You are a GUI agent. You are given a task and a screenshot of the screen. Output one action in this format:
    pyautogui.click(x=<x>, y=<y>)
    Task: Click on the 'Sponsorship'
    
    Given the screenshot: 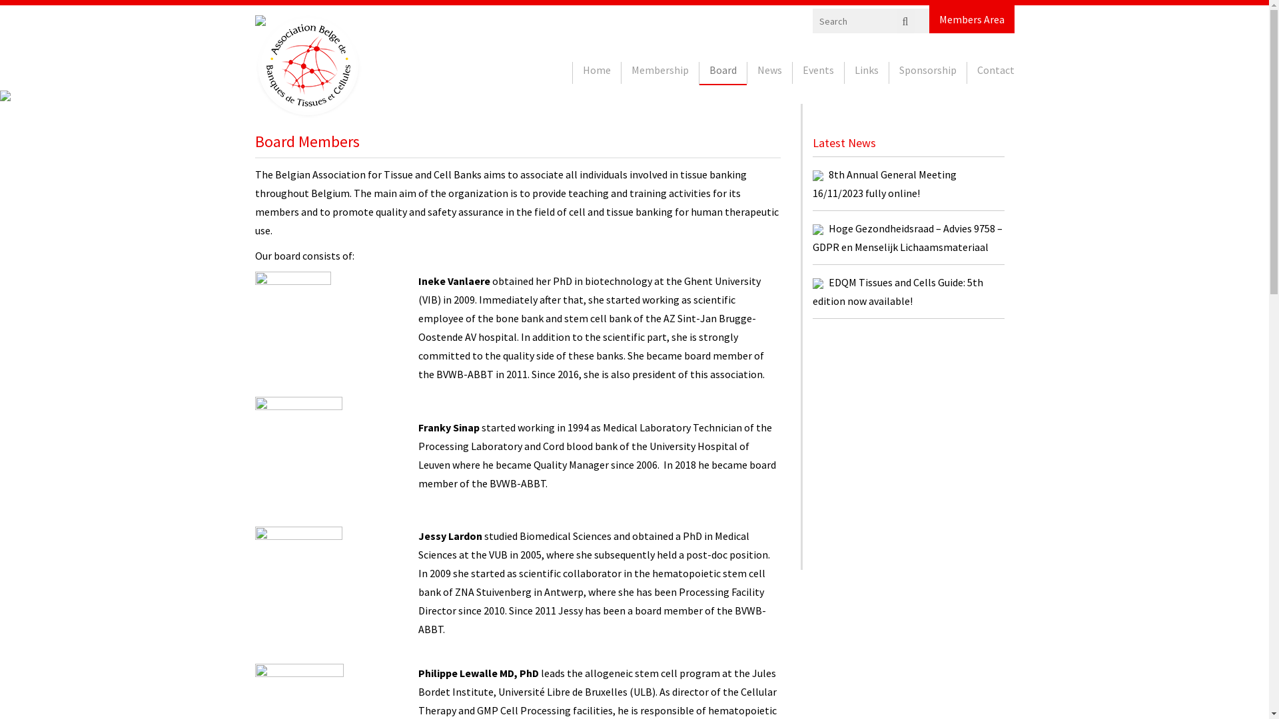 What is the action you would take?
    pyautogui.click(x=927, y=73)
    